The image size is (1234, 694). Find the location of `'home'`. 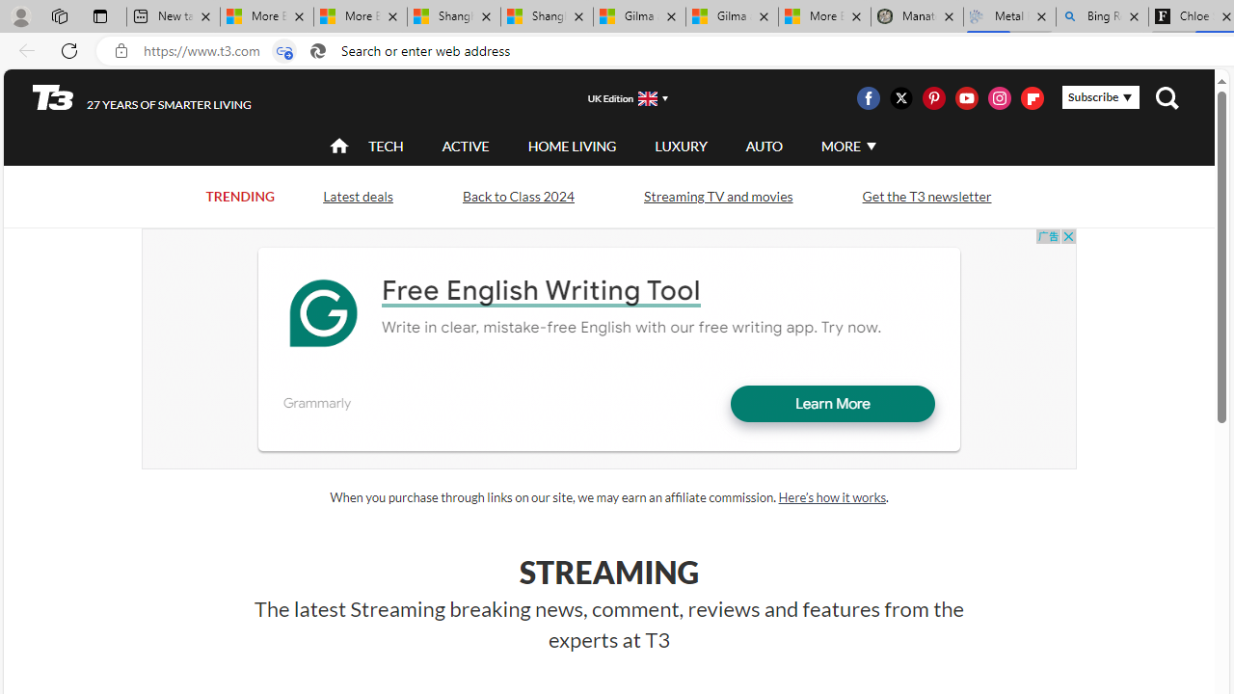

'home' is located at coordinates (339, 147).